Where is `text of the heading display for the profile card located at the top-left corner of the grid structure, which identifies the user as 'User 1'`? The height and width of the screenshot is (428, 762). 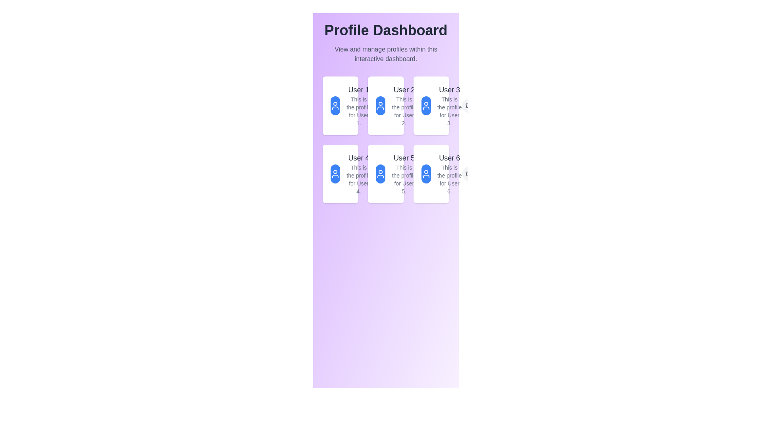 text of the heading display for the profile card located at the top-left corner of the grid structure, which identifies the user as 'User 1' is located at coordinates (358, 90).